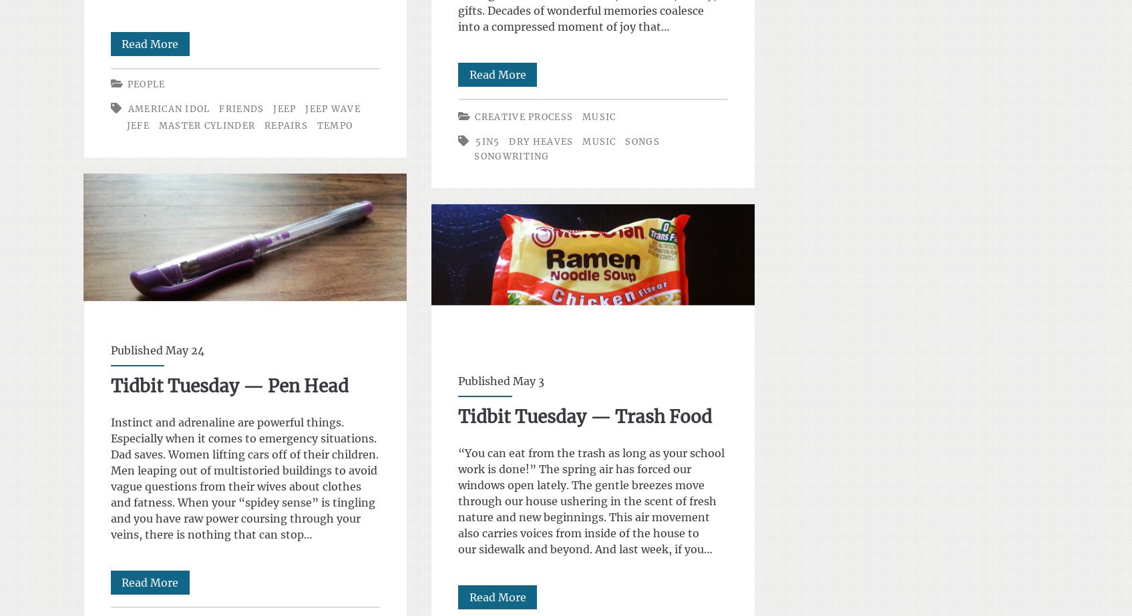 The height and width of the screenshot is (616, 1132). Describe the element at coordinates (136, 125) in the screenshot. I see `'jefe'` at that location.